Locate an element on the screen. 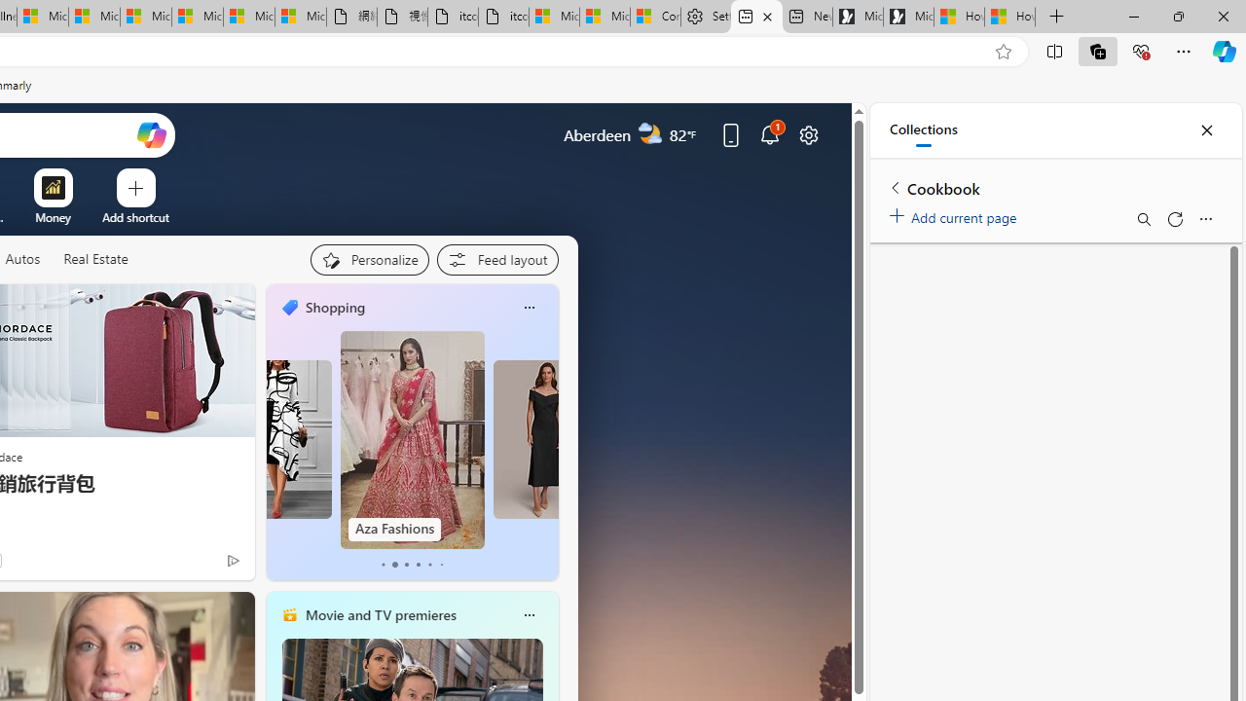  'tab-5' is located at coordinates (440, 564).